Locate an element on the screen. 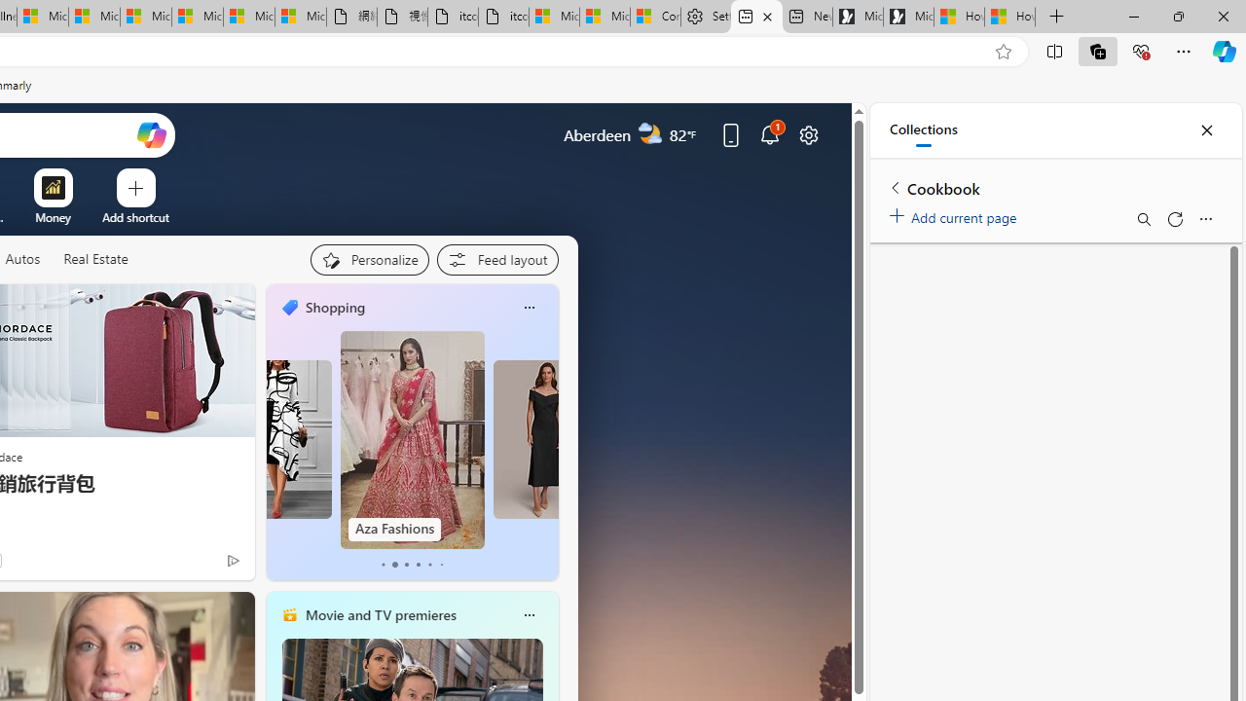  'tab-5' is located at coordinates (440, 564).